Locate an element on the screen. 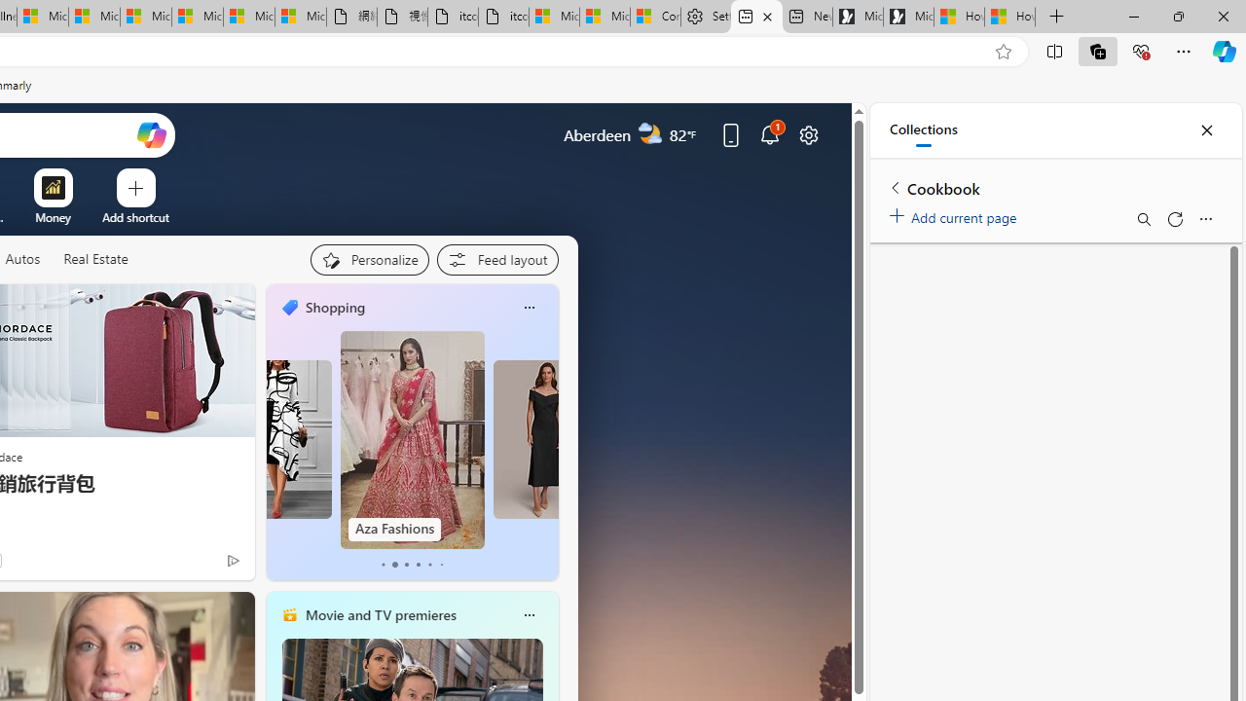  'tab-5' is located at coordinates (440, 564).